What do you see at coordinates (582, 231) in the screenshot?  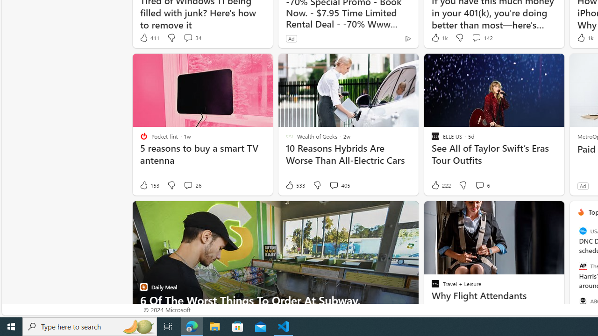 I see `'USA TODAY'` at bounding box center [582, 231].